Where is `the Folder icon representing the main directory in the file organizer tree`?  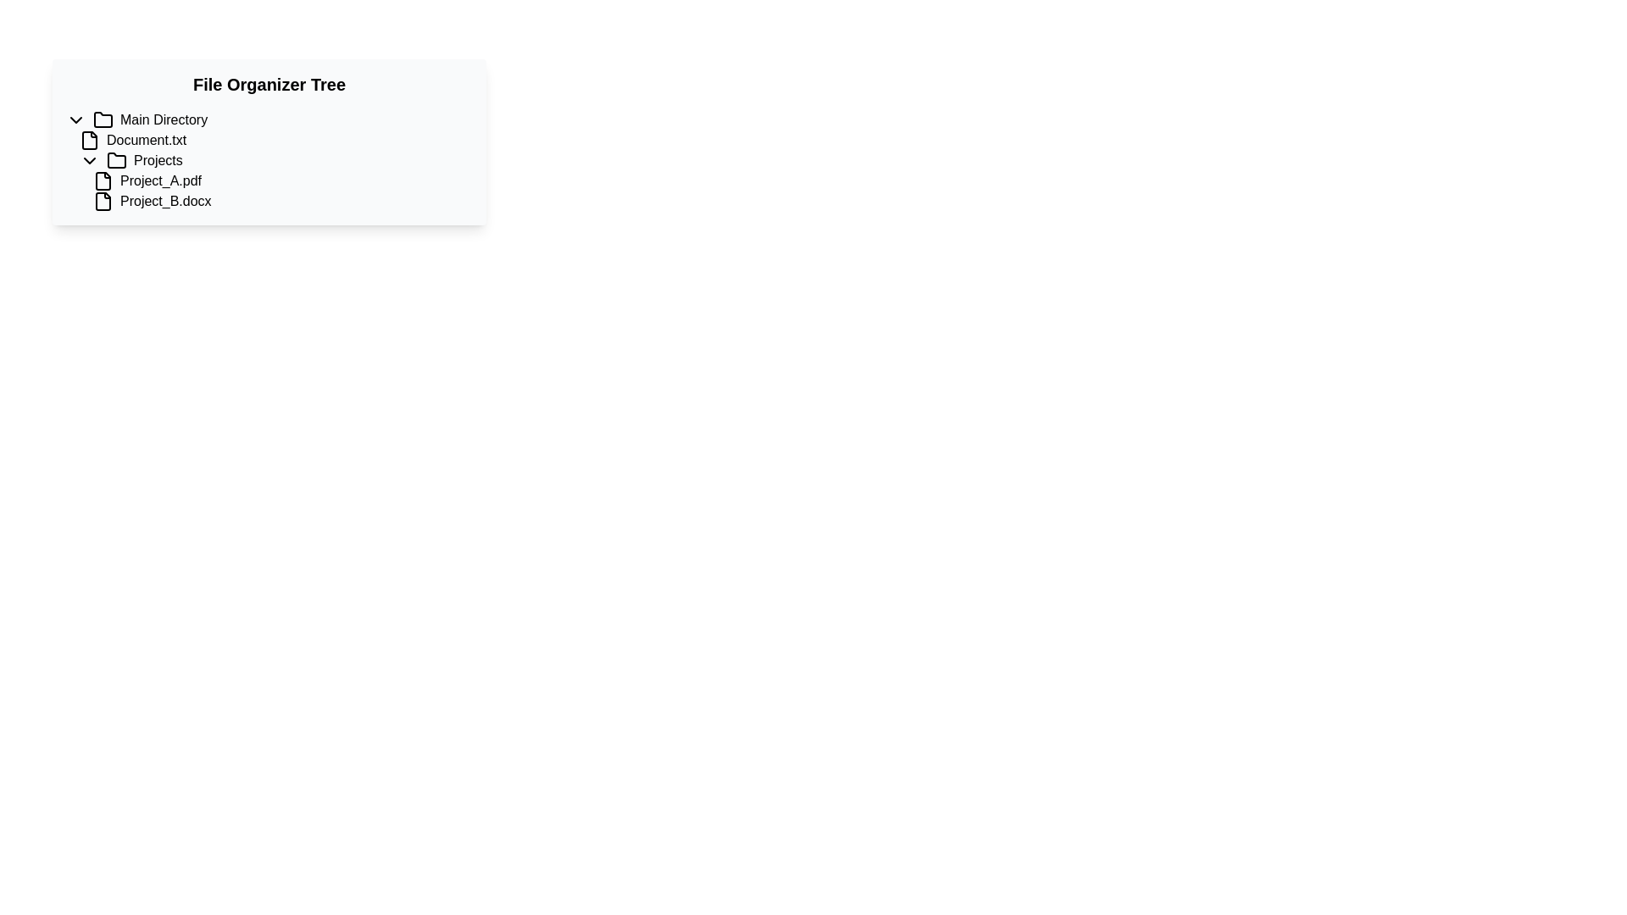
the Folder icon representing the main directory in the file organizer tree is located at coordinates (102, 119).